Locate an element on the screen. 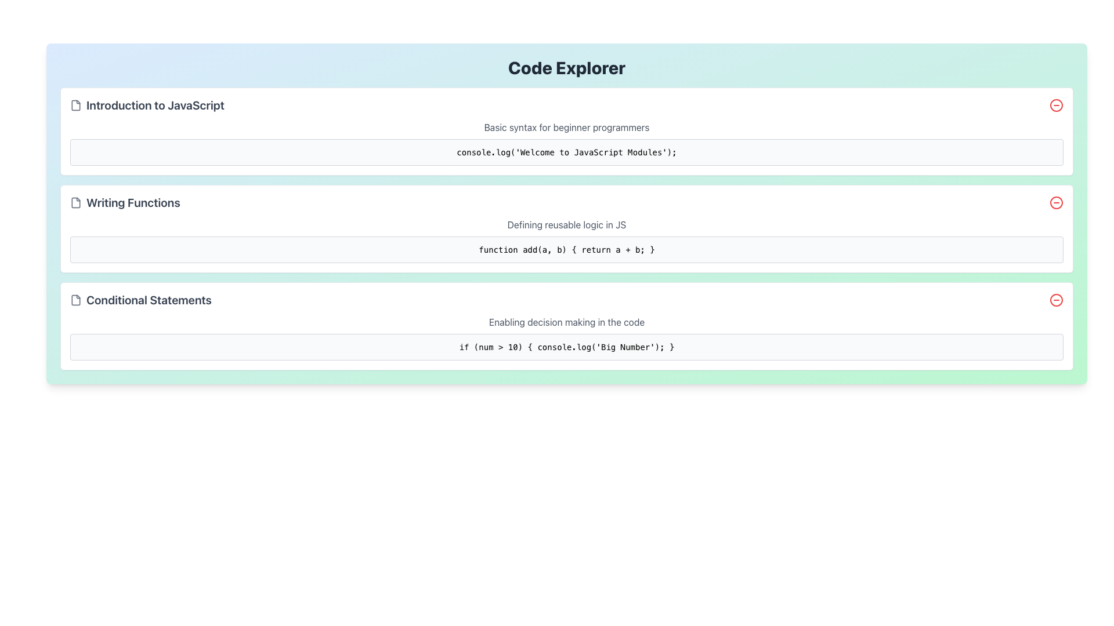  the Text Label element located in the 'Conditional Statements' section, which serves as a descriptive heading above a code snippet is located at coordinates (567, 322).